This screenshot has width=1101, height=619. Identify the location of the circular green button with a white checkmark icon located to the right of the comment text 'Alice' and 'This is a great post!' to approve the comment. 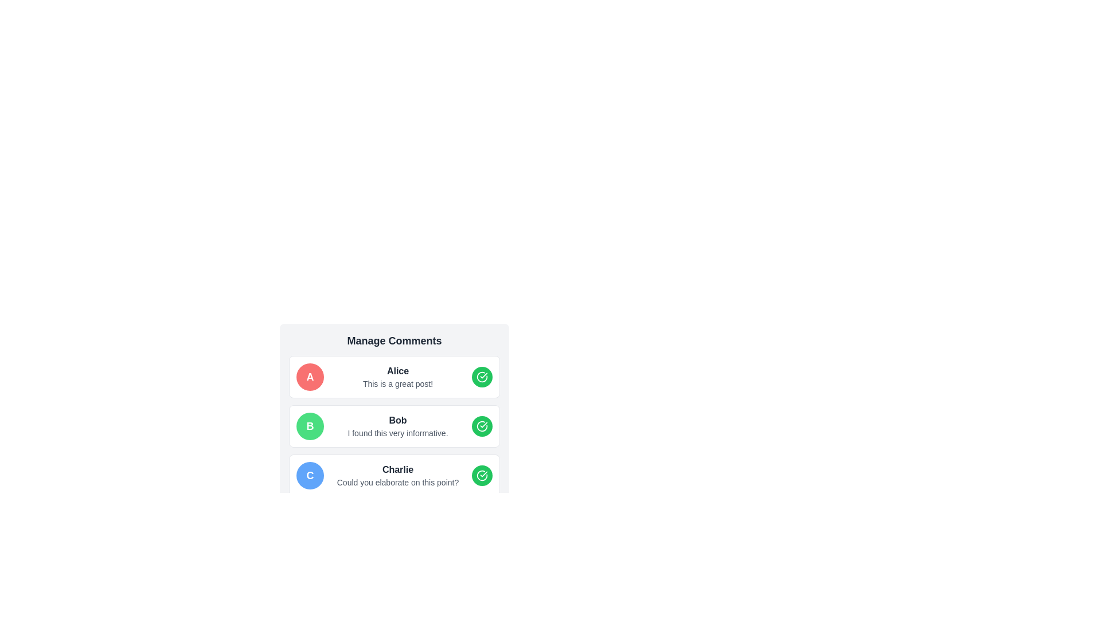
(482, 377).